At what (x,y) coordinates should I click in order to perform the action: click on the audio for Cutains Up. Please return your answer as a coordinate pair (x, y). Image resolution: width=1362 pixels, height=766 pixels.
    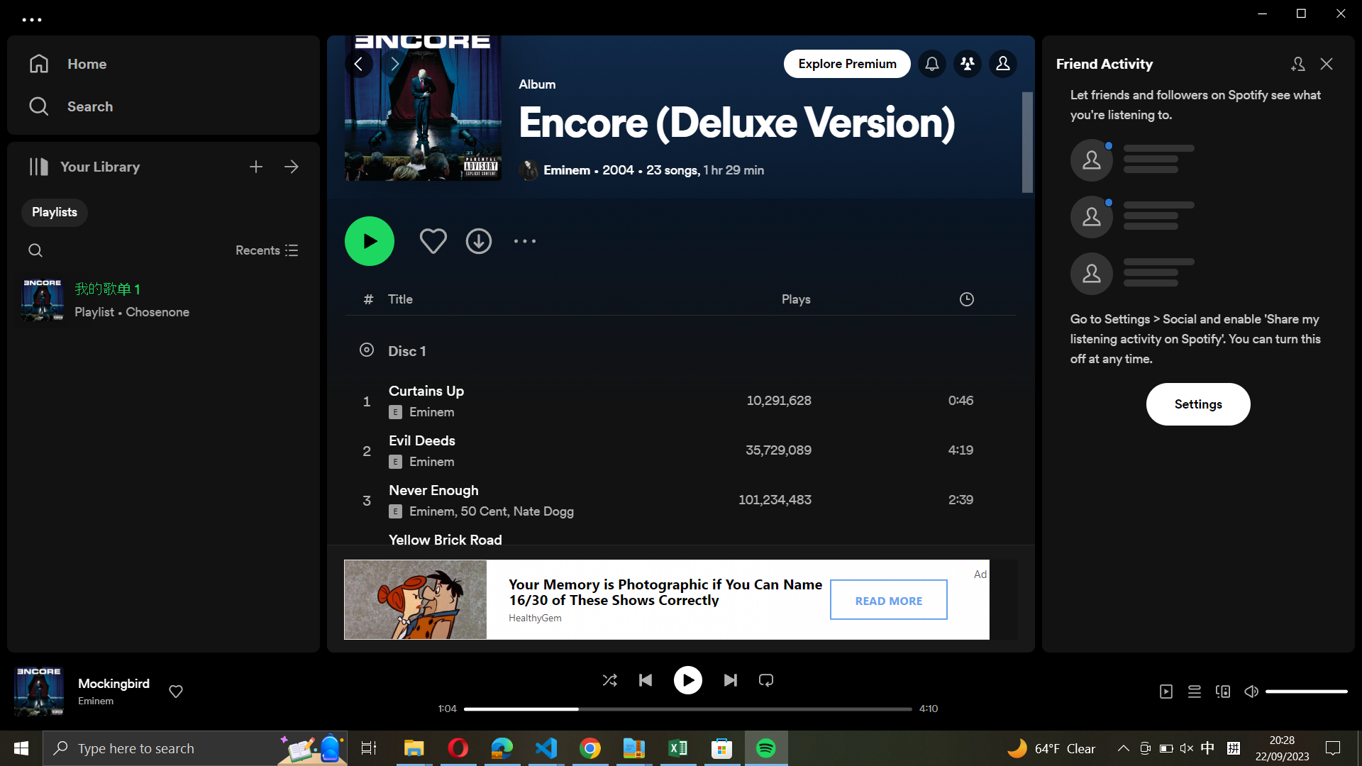
    Looking at the image, I should click on (677, 399).